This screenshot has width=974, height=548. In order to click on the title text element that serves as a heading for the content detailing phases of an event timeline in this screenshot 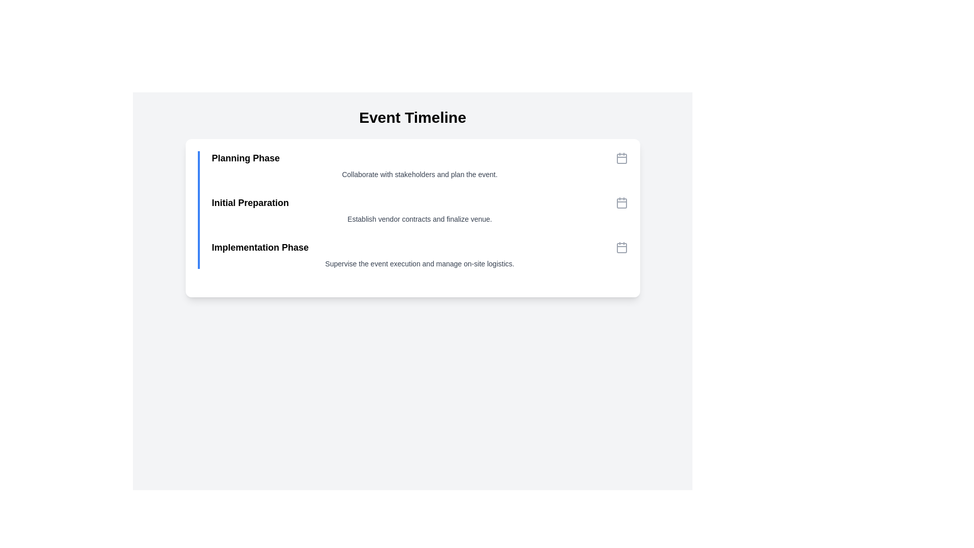, I will do `click(412, 117)`.